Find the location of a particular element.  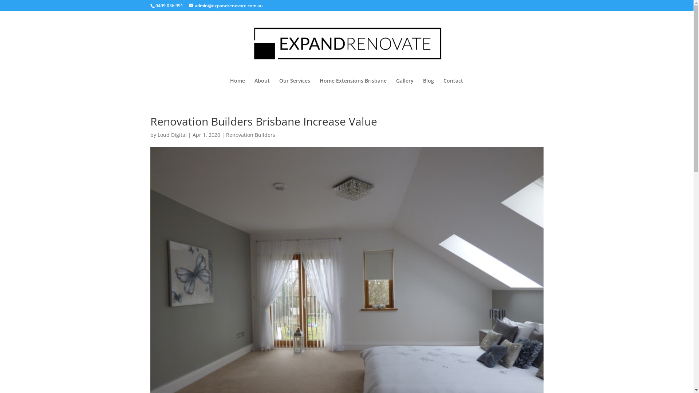

'admin@expandrenovate.com.au' is located at coordinates (225, 5).